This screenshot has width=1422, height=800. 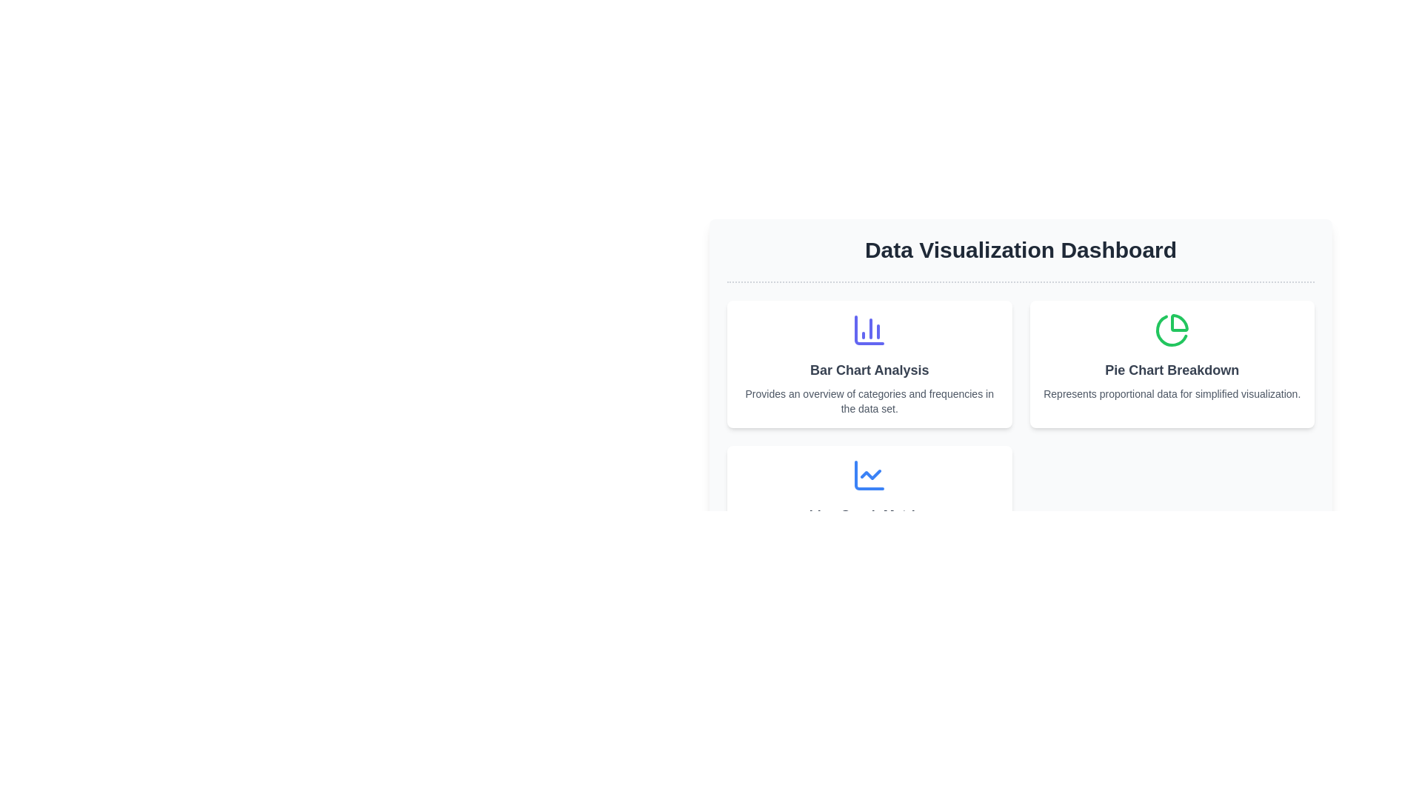 What do you see at coordinates (1178, 321) in the screenshot?
I see `the green circular segment representing a portion of the pie chart in the 'Pie Chart Breakdown' section of the interface` at bounding box center [1178, 321].